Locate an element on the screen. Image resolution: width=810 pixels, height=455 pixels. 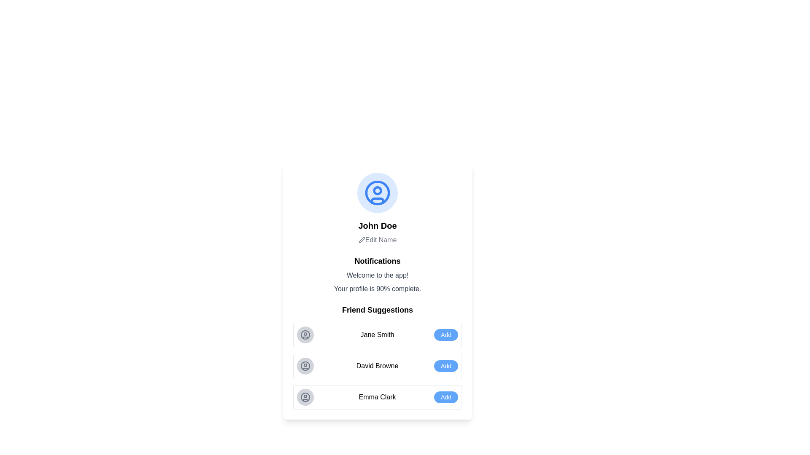
the text label displaying the name 'David Browne' in bold black font, located within the second card under the 'Friend Suggestions' section, positioned between the avatar icon and the 'Add' button is located at coordinates (377, 365).